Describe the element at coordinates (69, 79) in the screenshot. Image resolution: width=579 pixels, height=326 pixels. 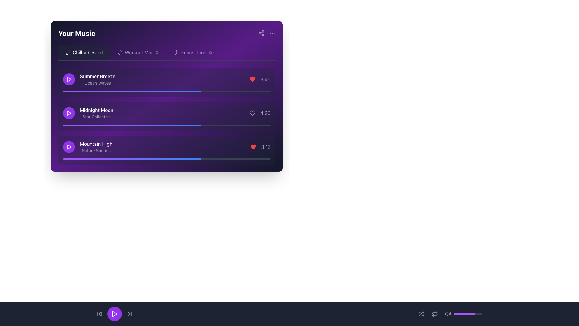
I see `the triangular play icon with a purple background and white border located to the left of the track title 'Summer Breeze' under the 'Chill Vibes' category in the 'Your Music' section` at that location.